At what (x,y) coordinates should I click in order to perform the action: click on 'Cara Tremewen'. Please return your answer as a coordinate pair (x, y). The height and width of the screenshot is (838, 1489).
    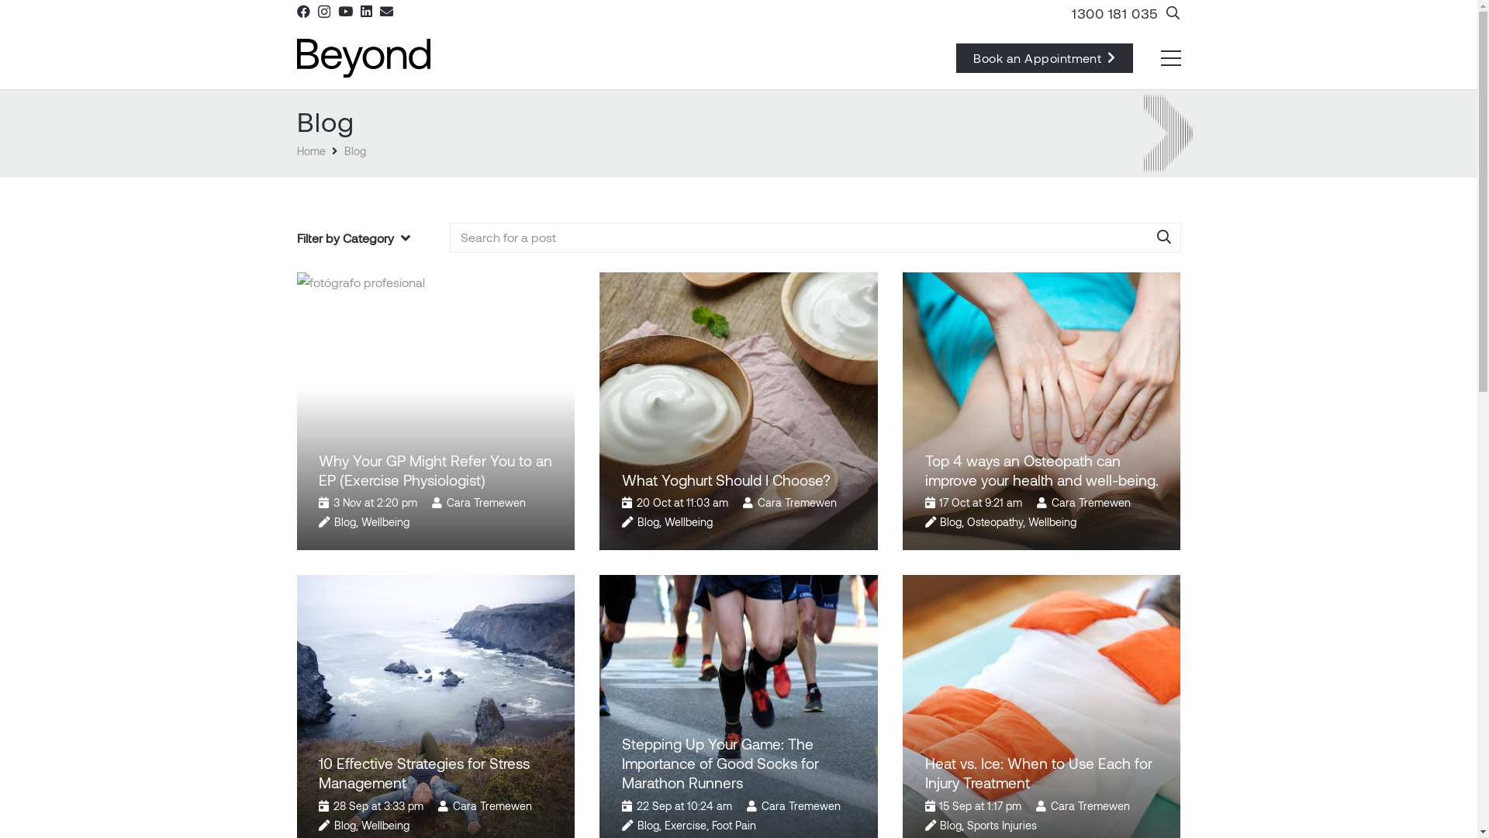
    Looking at the image, I should click on (1050, 805).